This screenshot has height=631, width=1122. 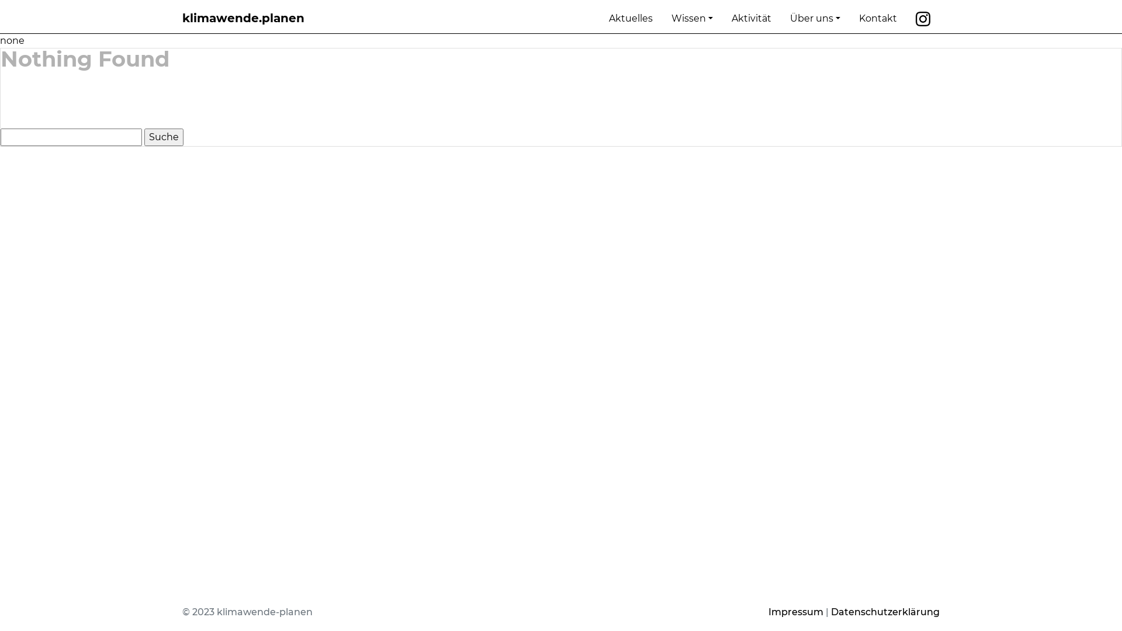 I want to click on 'Suche', so click(x=143, y=137).